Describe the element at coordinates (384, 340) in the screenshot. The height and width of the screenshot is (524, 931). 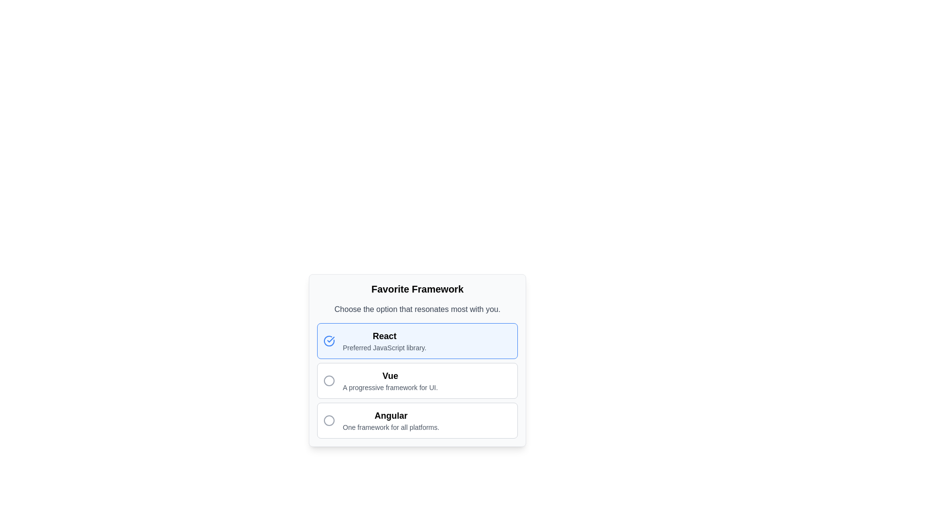
I see `the text block containing 'React' and 'Preferred JavaScript library.' within its selectable card` at that location.